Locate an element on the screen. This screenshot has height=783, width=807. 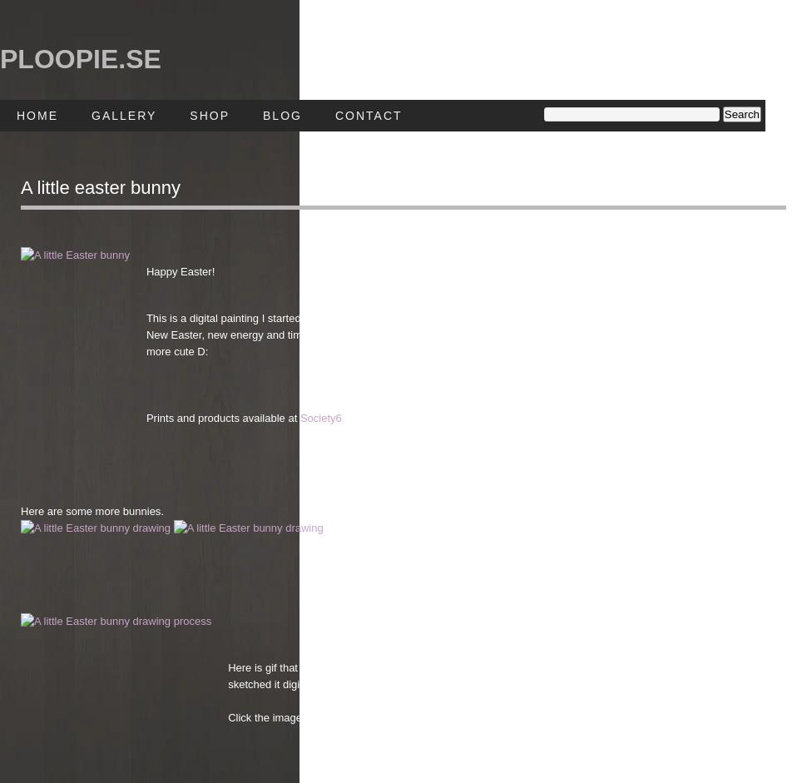
'This is a digital painting I started around last years Easter but never managed to finish it in time and forgot it after that.' is located at coordinates (428, 318).